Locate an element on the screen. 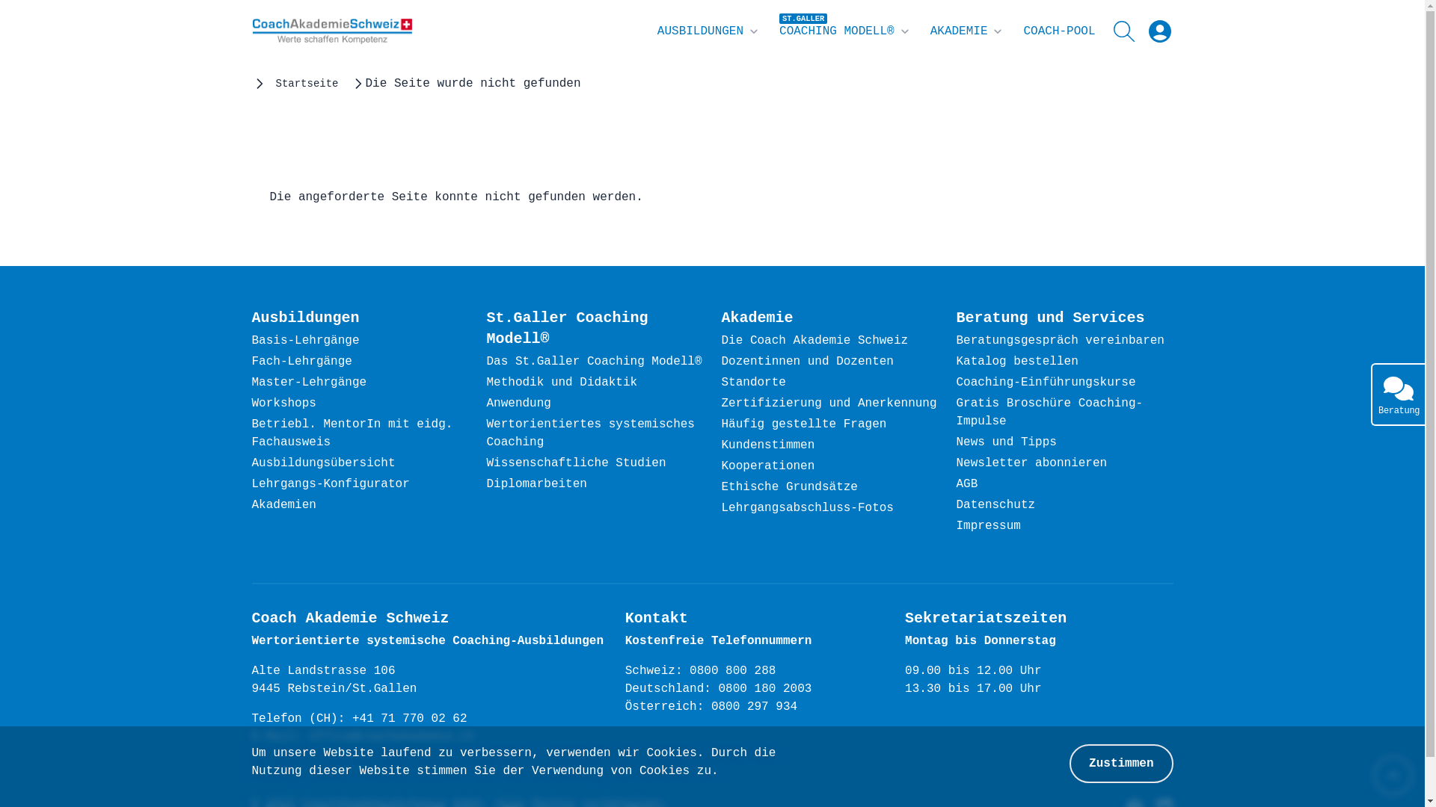 The height and width of the screenshot is (807, 1436). 'Methodik und Didaktik' is located at coordinates (560, 383).